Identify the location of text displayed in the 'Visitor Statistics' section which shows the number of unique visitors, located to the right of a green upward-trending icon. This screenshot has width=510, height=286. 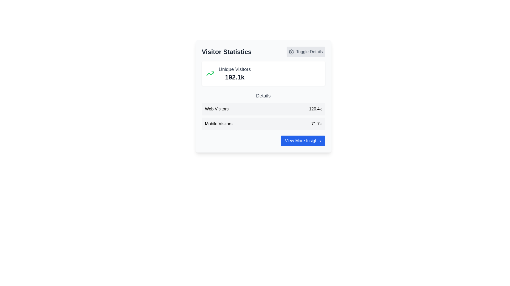
(234, 73).